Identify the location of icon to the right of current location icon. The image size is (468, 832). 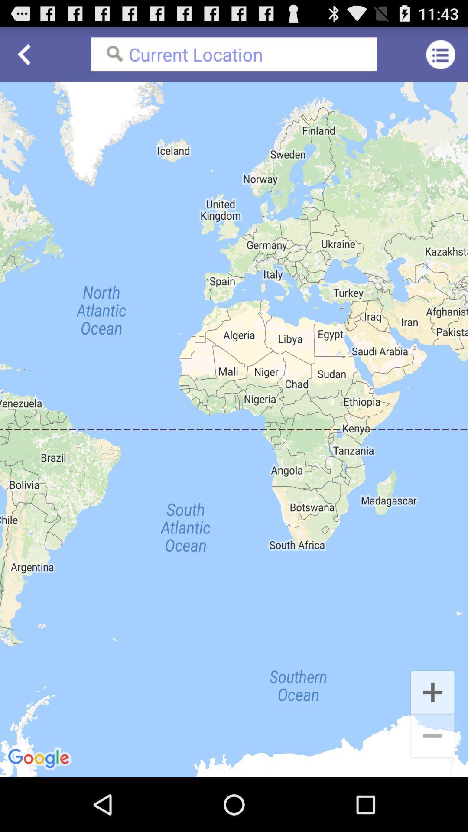
(441, 54).